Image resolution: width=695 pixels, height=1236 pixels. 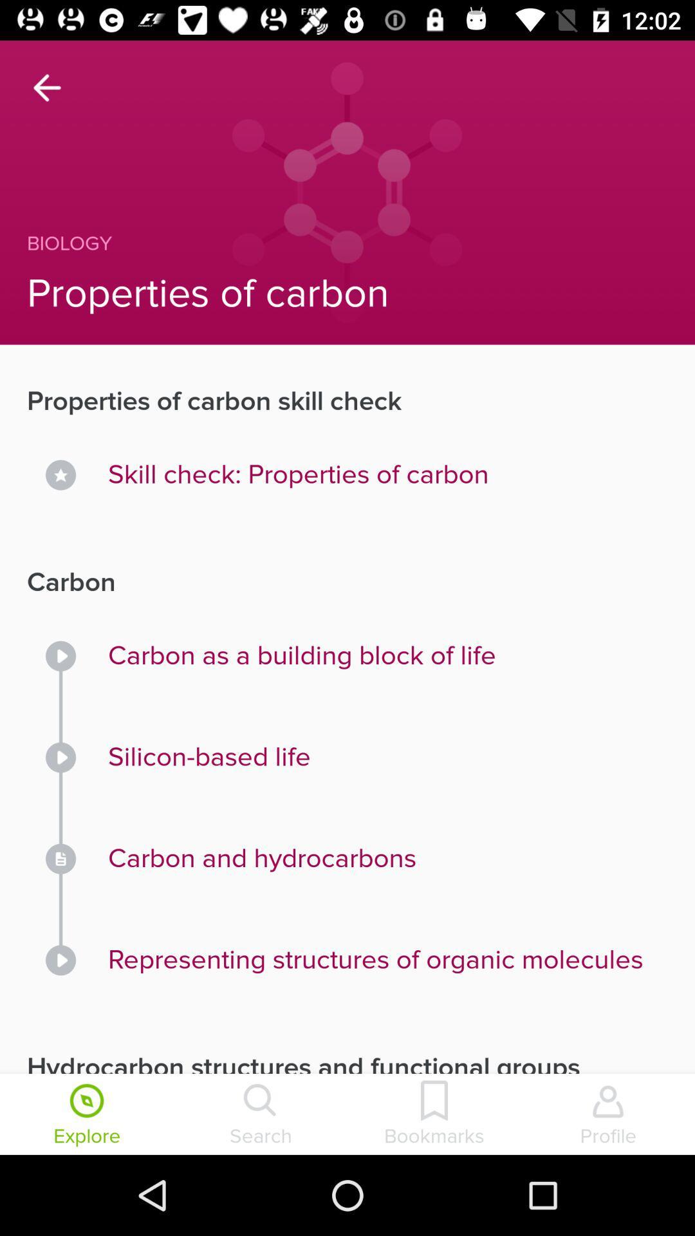 I want to click on icon below the hydrocarbon structures and icon, so click(x=608, y=1115).